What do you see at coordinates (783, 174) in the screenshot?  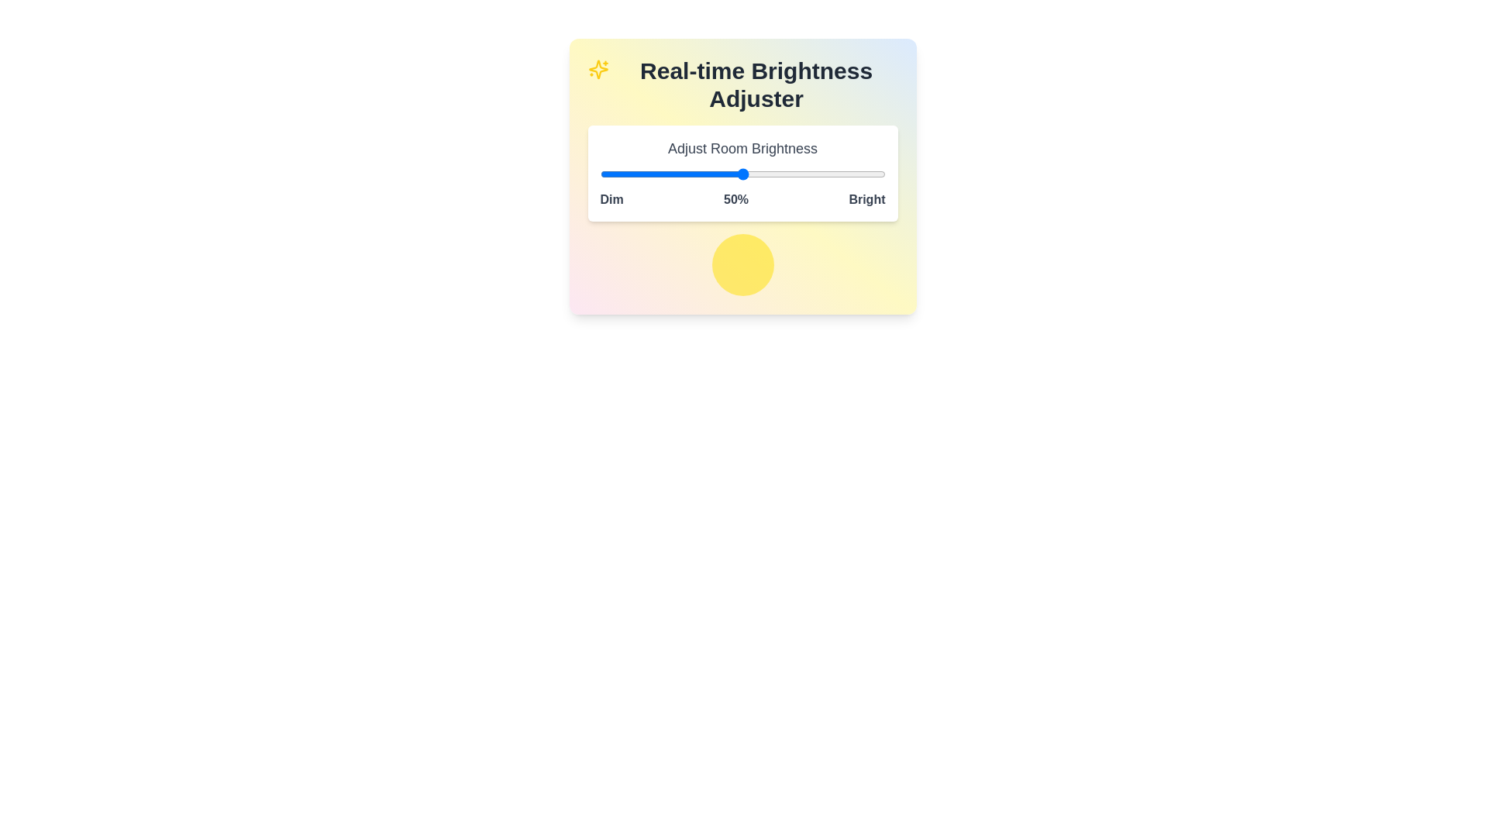 I see `the brightness slider to 64%` at bounding box center [783, 174].